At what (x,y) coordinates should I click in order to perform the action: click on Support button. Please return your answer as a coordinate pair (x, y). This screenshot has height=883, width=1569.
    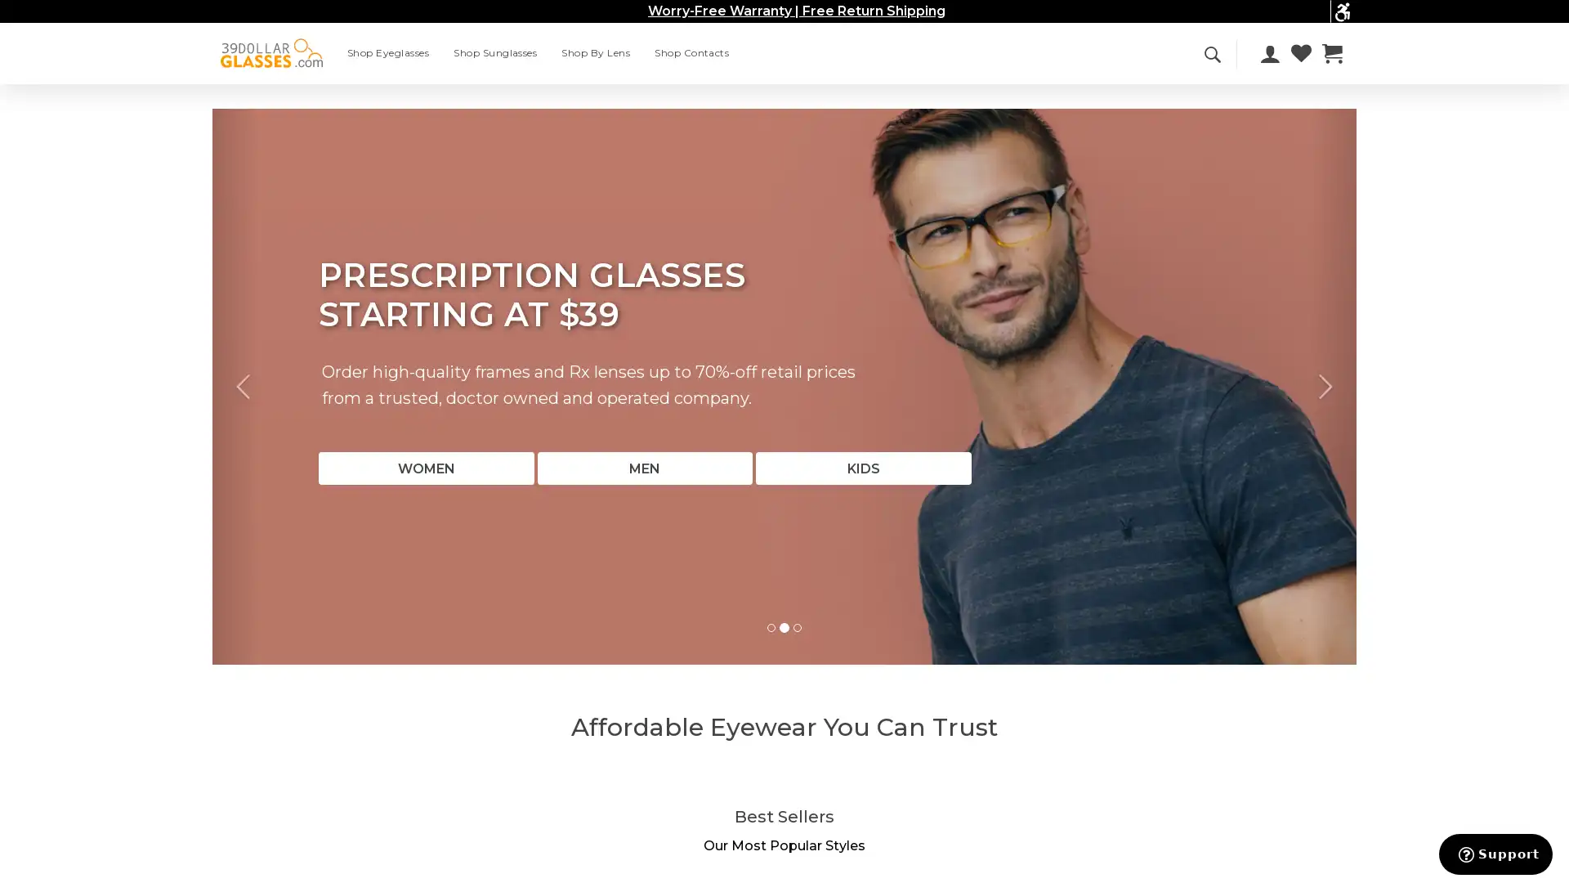
    Looking at the image, I should click on (1495, 854).